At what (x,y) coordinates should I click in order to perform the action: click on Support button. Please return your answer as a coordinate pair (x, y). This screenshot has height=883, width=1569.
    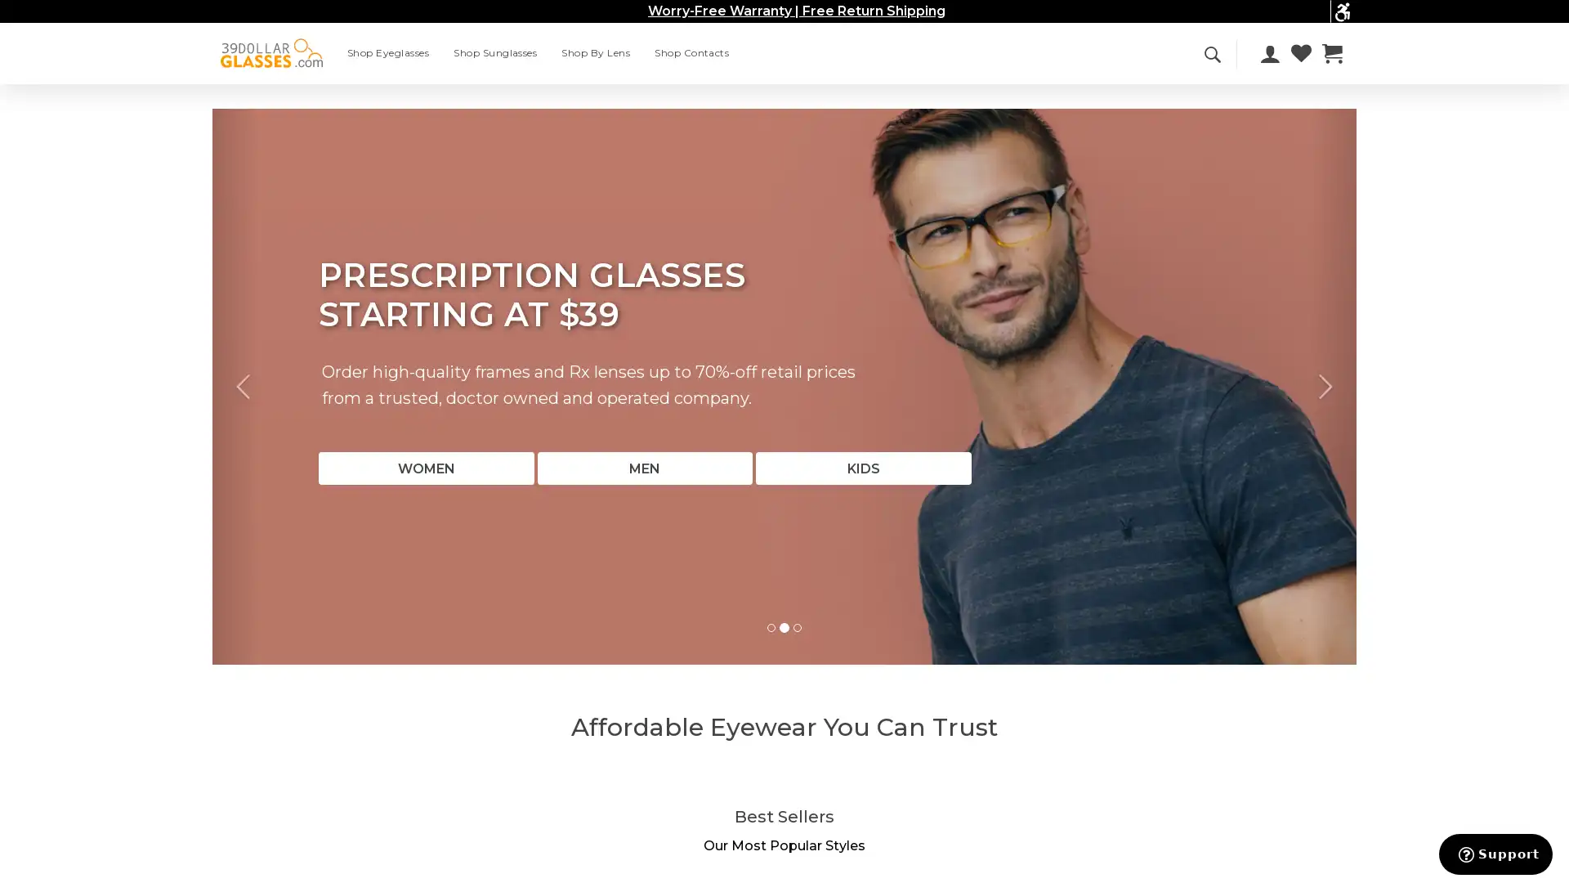
    Looking at the image, I should click on (1495, 854).